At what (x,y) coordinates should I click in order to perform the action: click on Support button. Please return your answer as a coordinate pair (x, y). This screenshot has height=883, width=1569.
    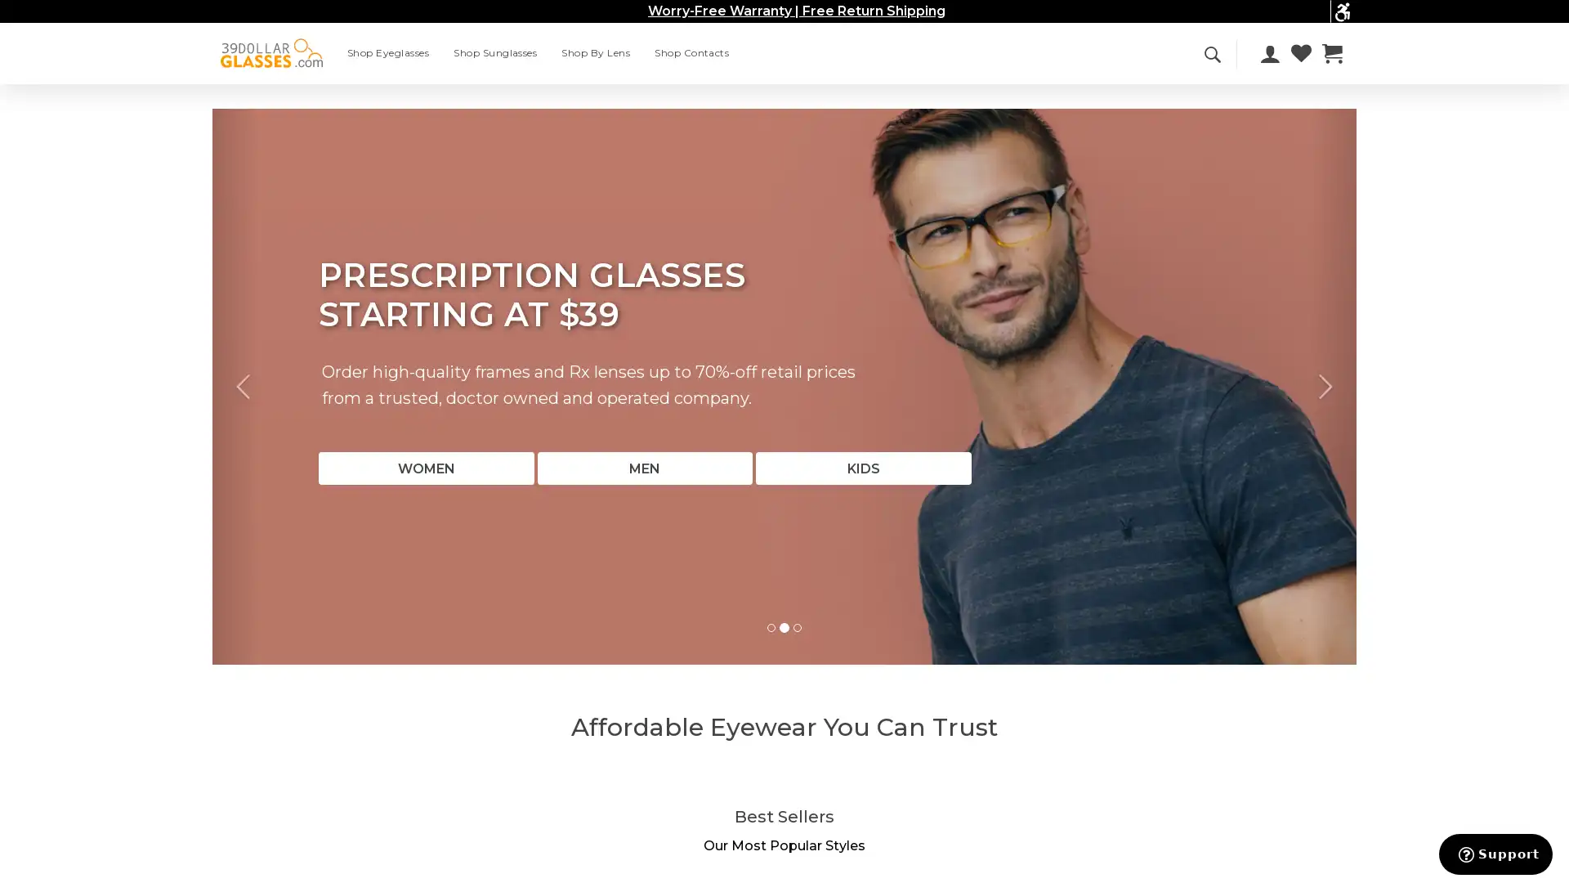
    Looking at the image, I should click on (1495, 854).